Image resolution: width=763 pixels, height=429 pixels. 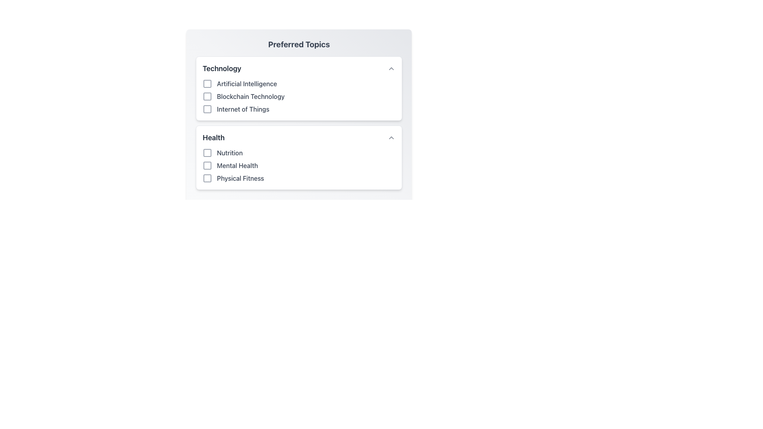 What do you see at coordinates (391, 68) in the screenshot?
I see `the collapse action button located to the far right of the 'Technology' section header to hide its contents` at bounding box center [391, 68].